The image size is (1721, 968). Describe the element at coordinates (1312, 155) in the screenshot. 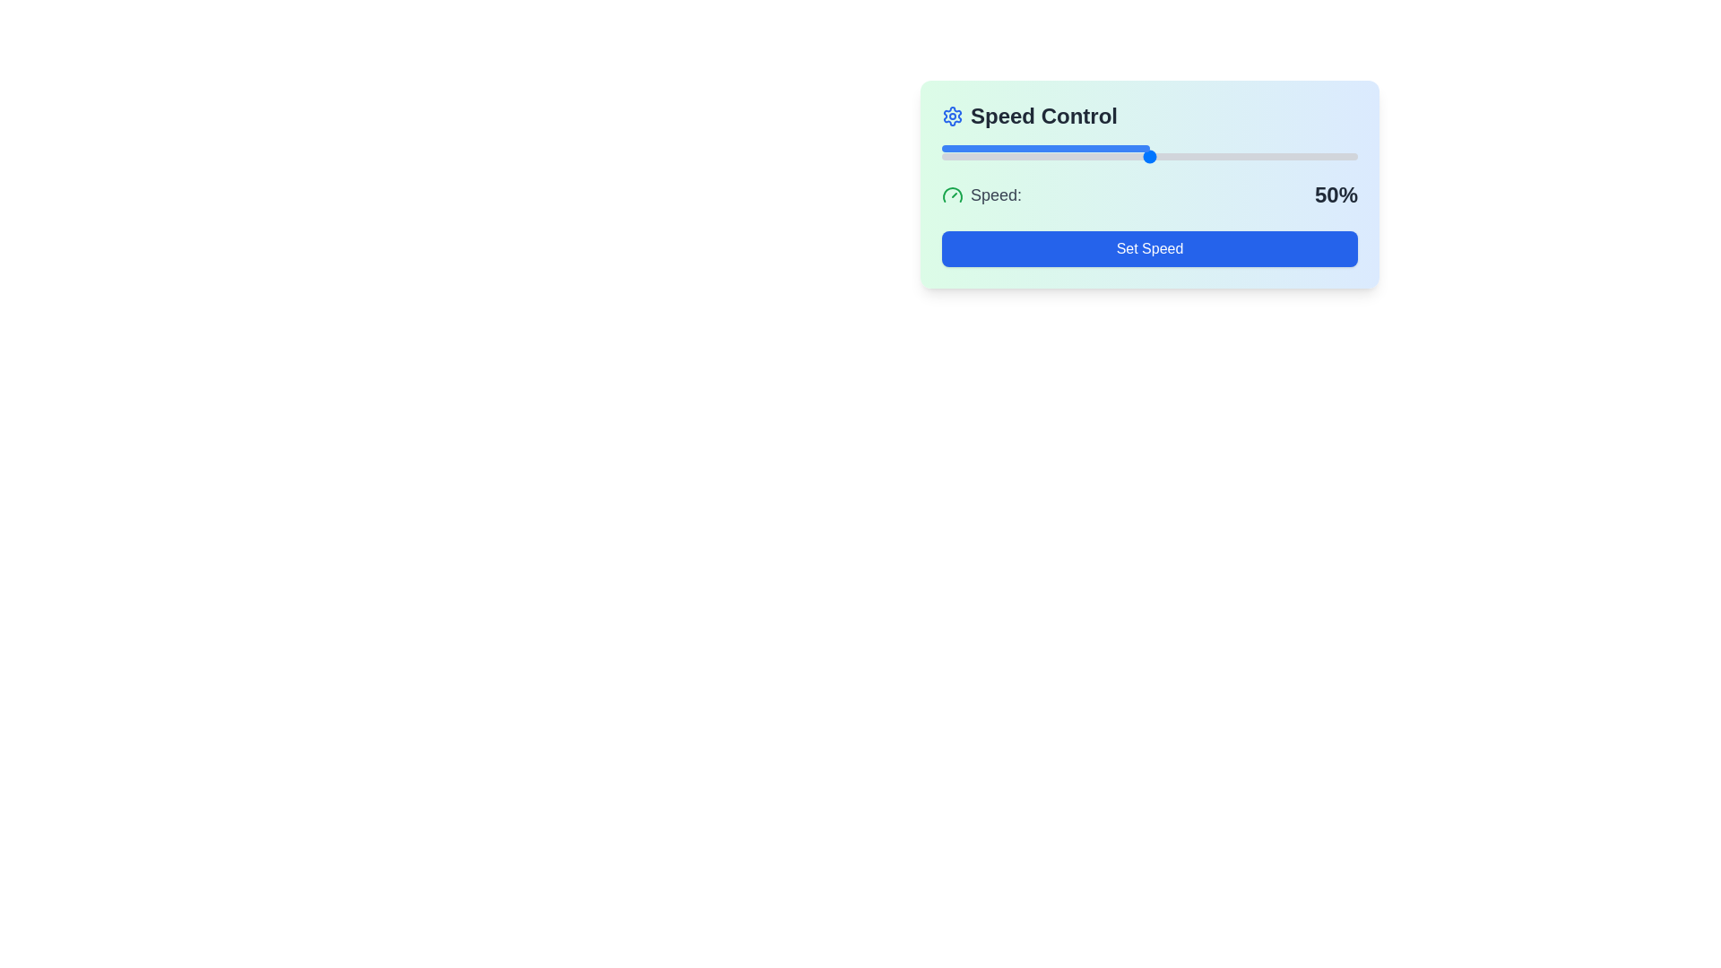

I see `the slider` at that location.